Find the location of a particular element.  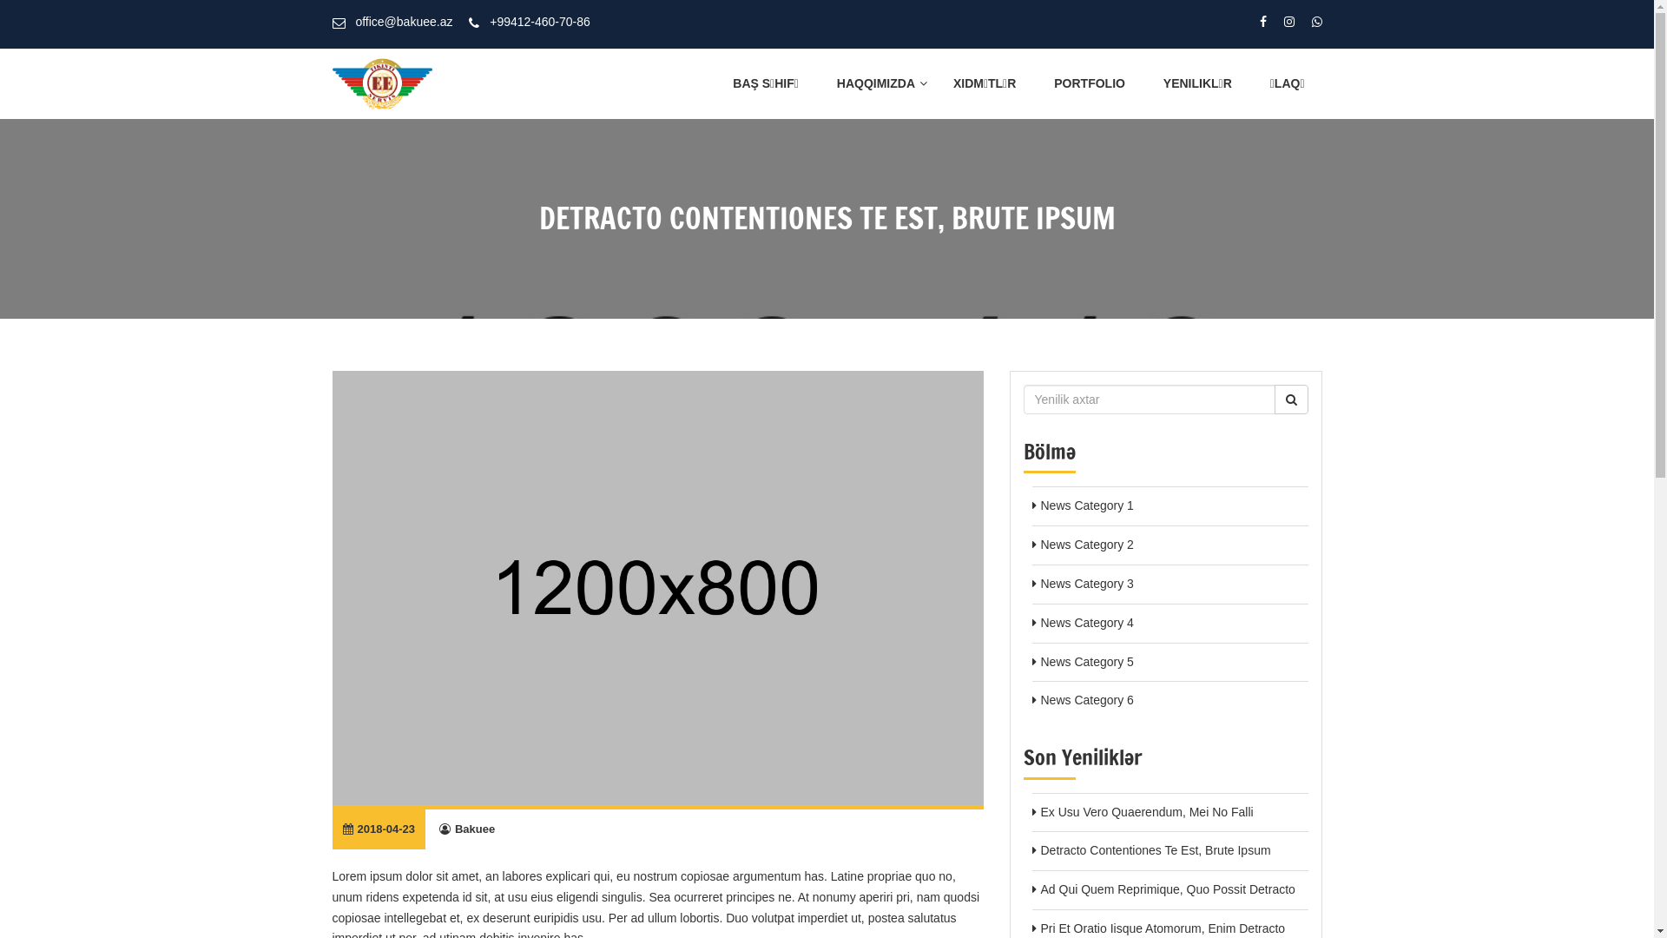

'News Category 1' is located at coordinates (1040, 505).